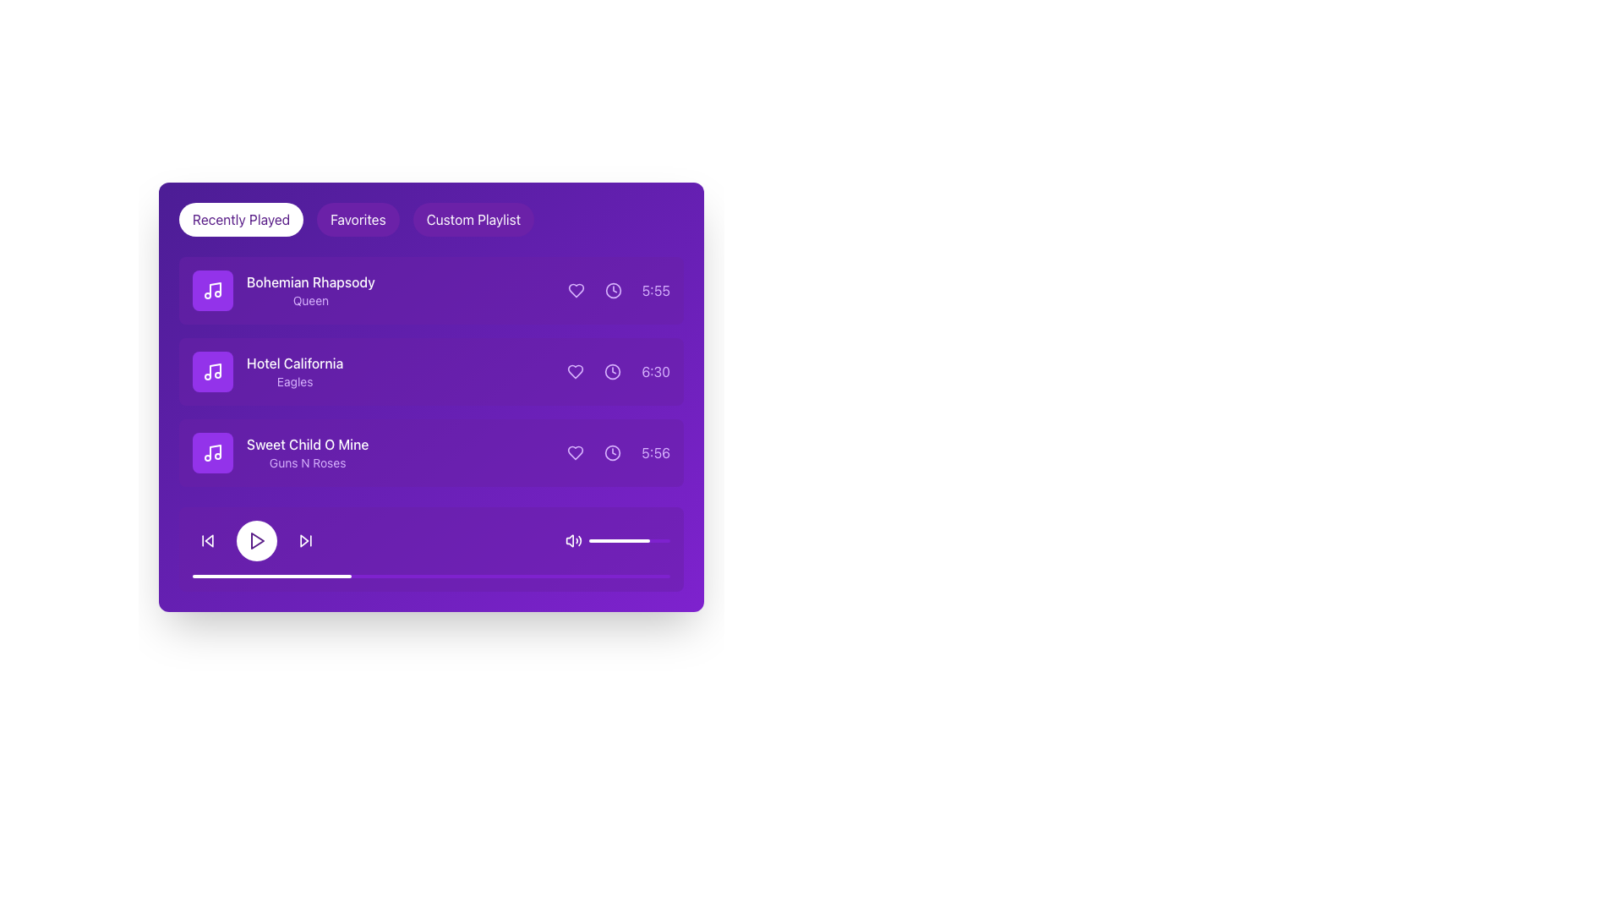 Image resolution: width=1623 pixels, height=913 pixels. Describe the element at coordinates (576, 370) in the screenshot. I see `the heart-shaped icon, which is the second icon in the list, located next to the song 'Hotel California'` at that location.